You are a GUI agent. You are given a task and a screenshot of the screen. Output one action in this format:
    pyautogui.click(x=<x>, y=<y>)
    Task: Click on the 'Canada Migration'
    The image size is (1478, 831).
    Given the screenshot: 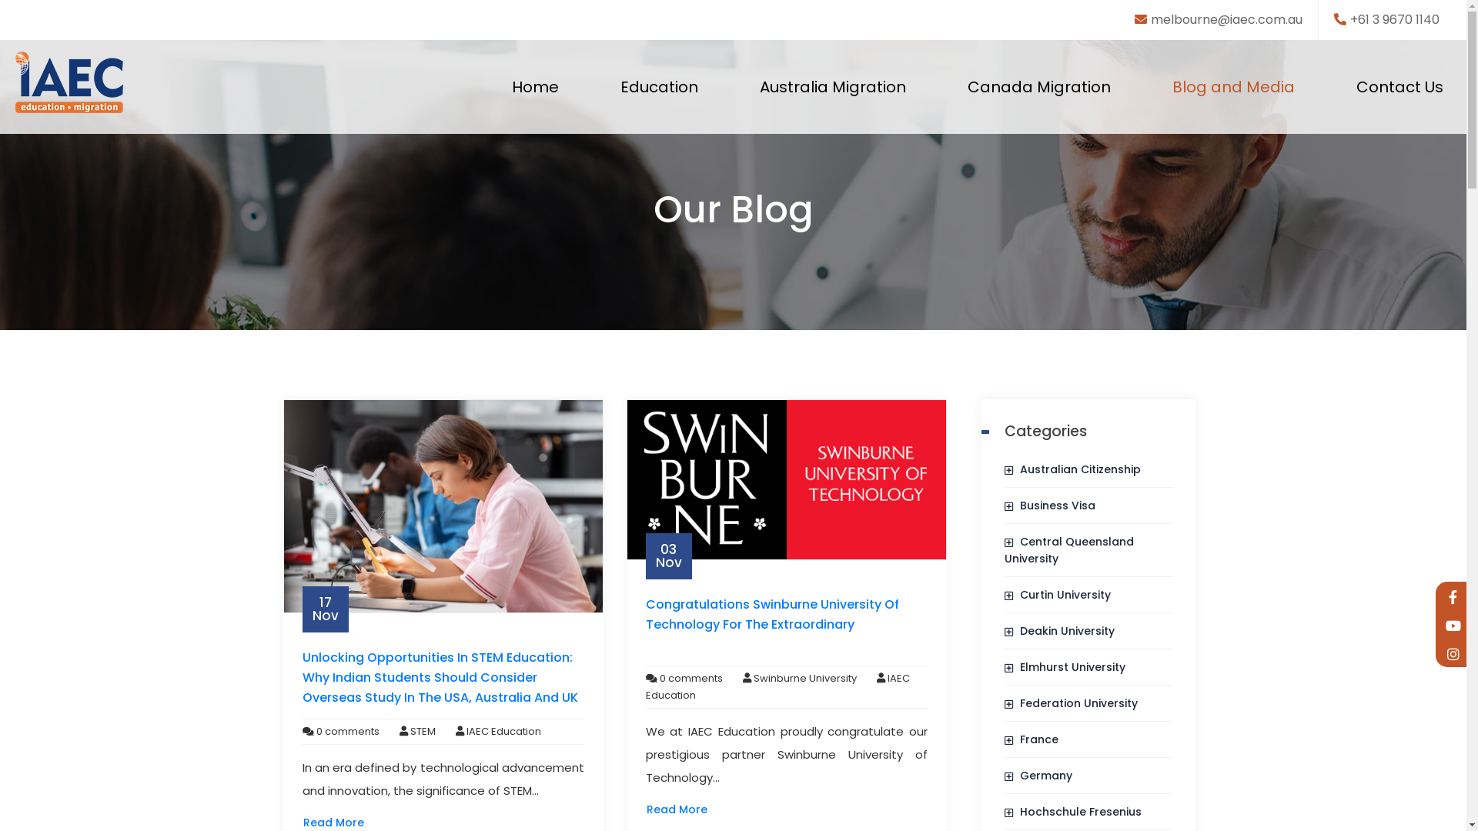 What is the action you would take?
    pyautogui.click(x=1038, y=86)
    